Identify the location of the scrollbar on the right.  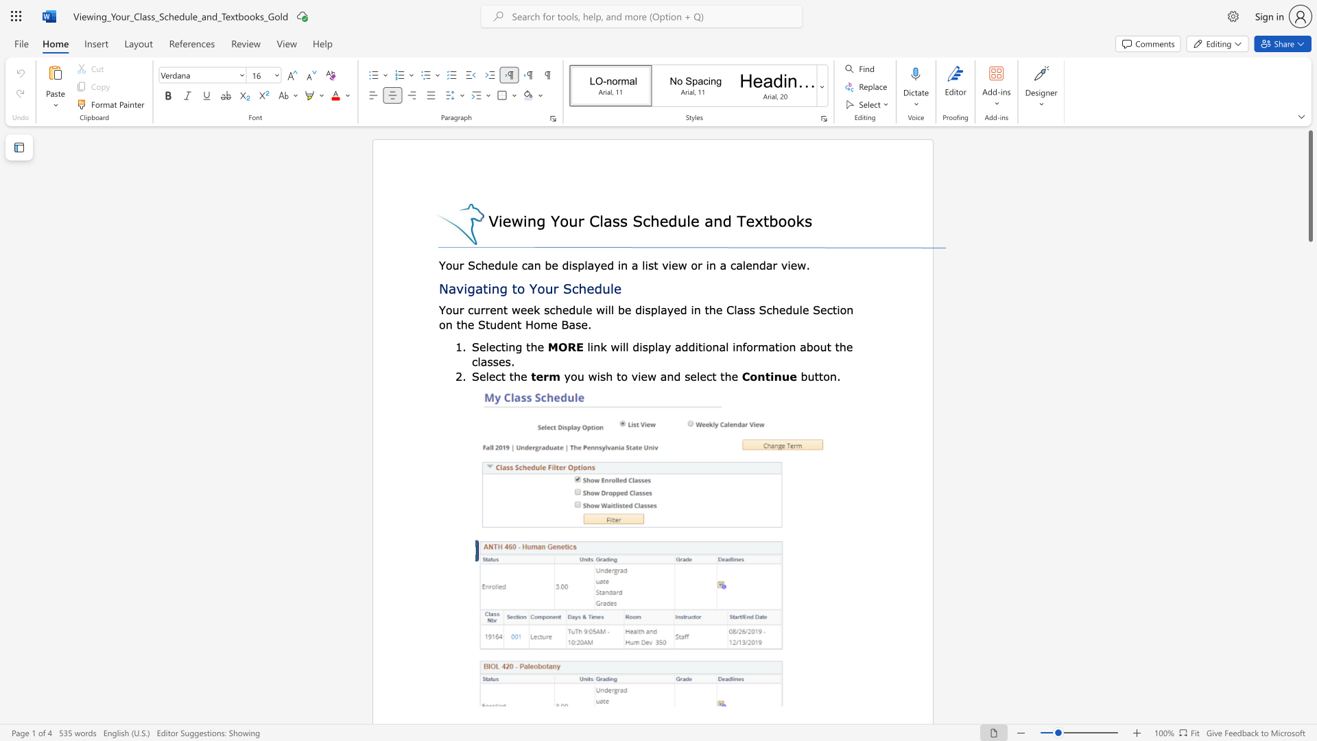
(1309, 446).